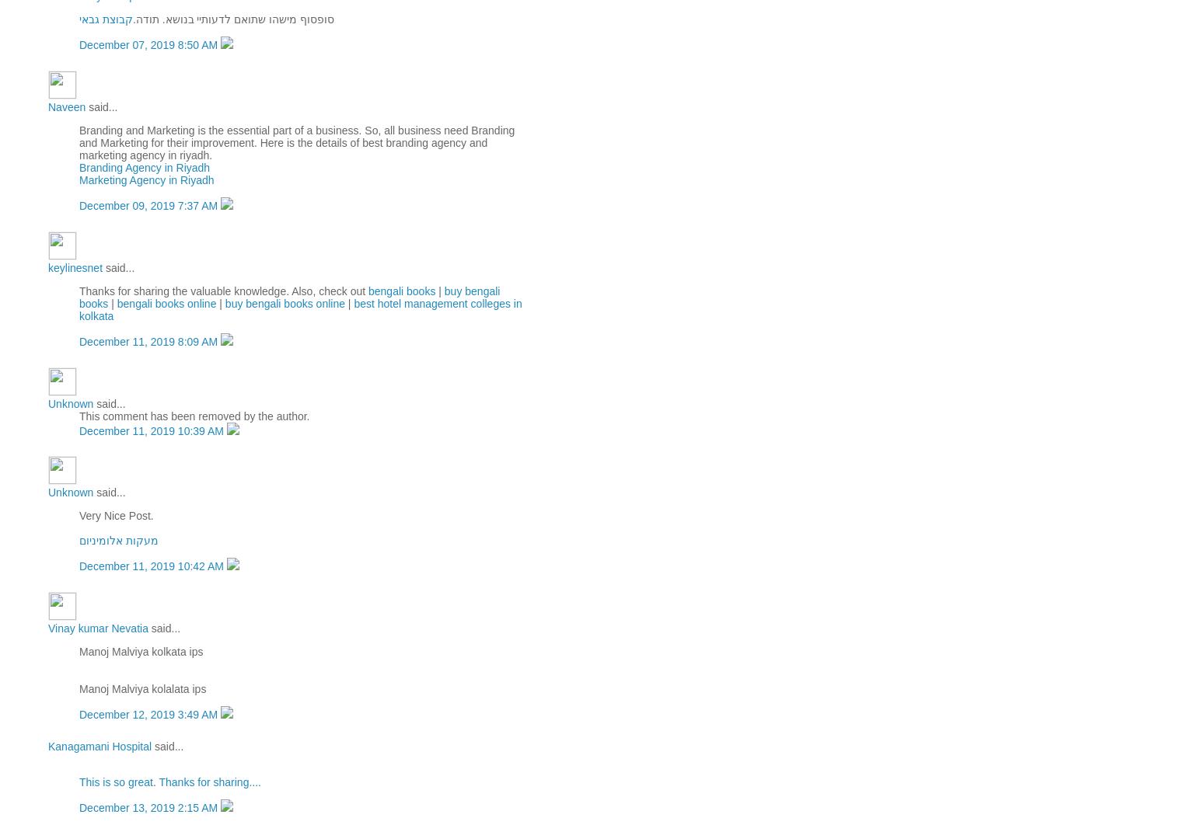 The width and height of the screenshot is (1201, 832). Describe the element at coordinates (141, 651) in the screenshot. I see `'Manoj Malviya kolkata ips'` at that location.